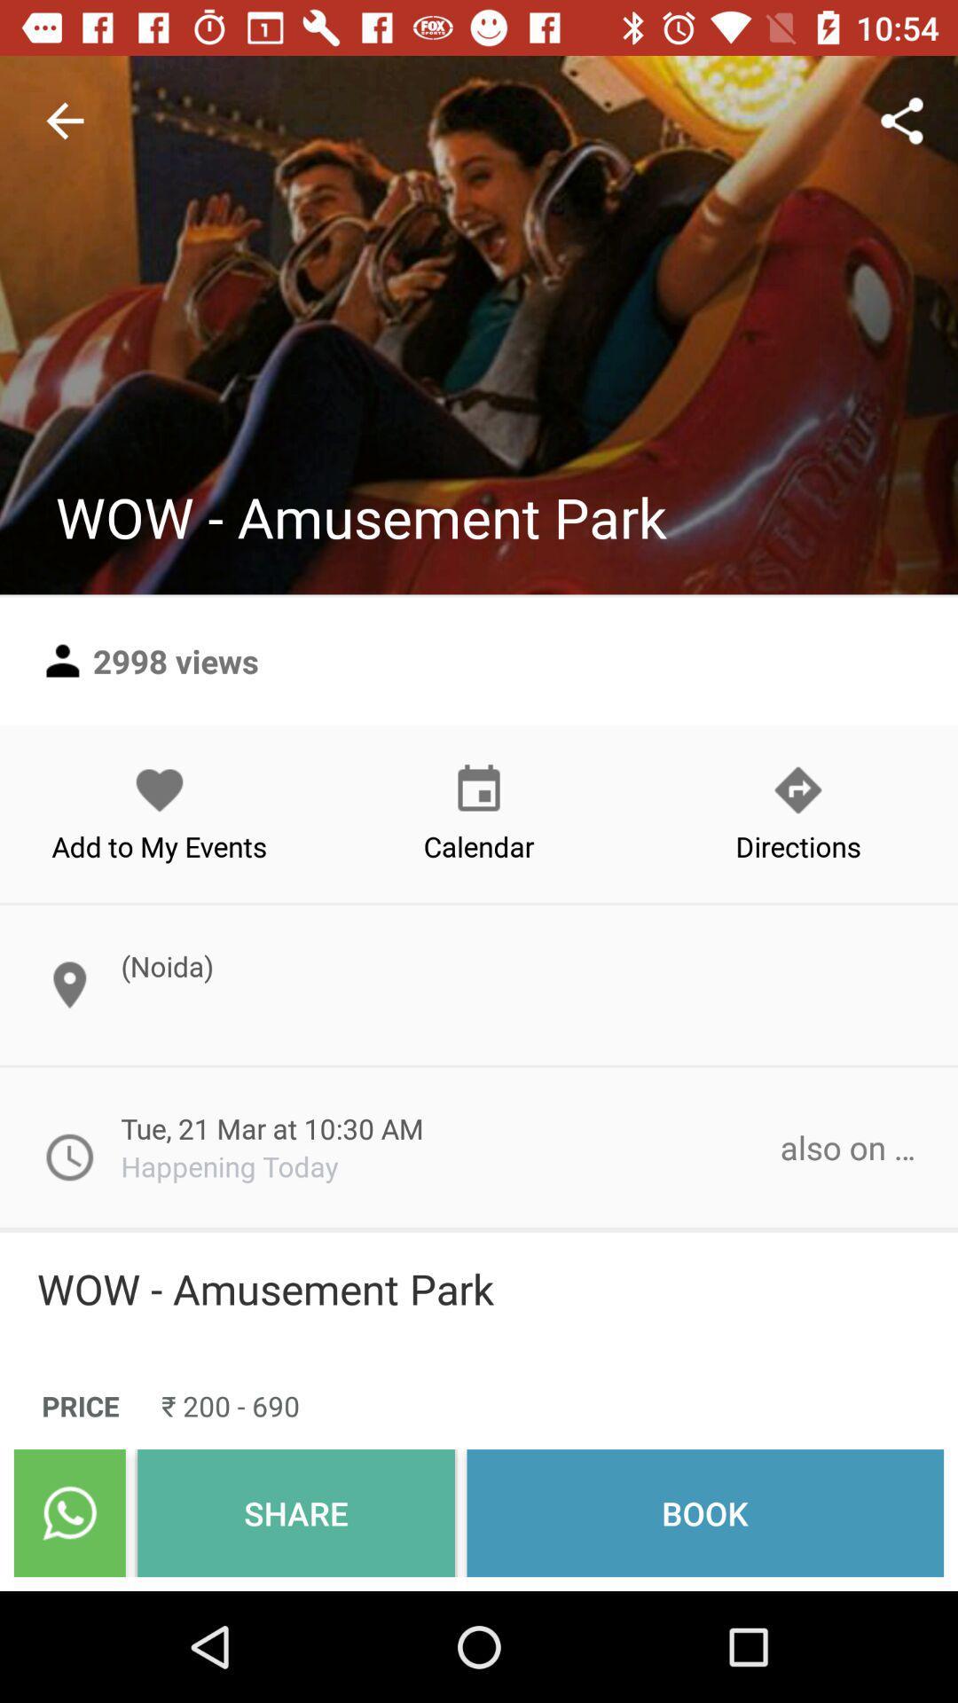 This screenshot has width=958, height=1703. What do you see at coordinates (479, 812) in the screenshot?
I see `the calendar icon` at bounding box center [479, 812].